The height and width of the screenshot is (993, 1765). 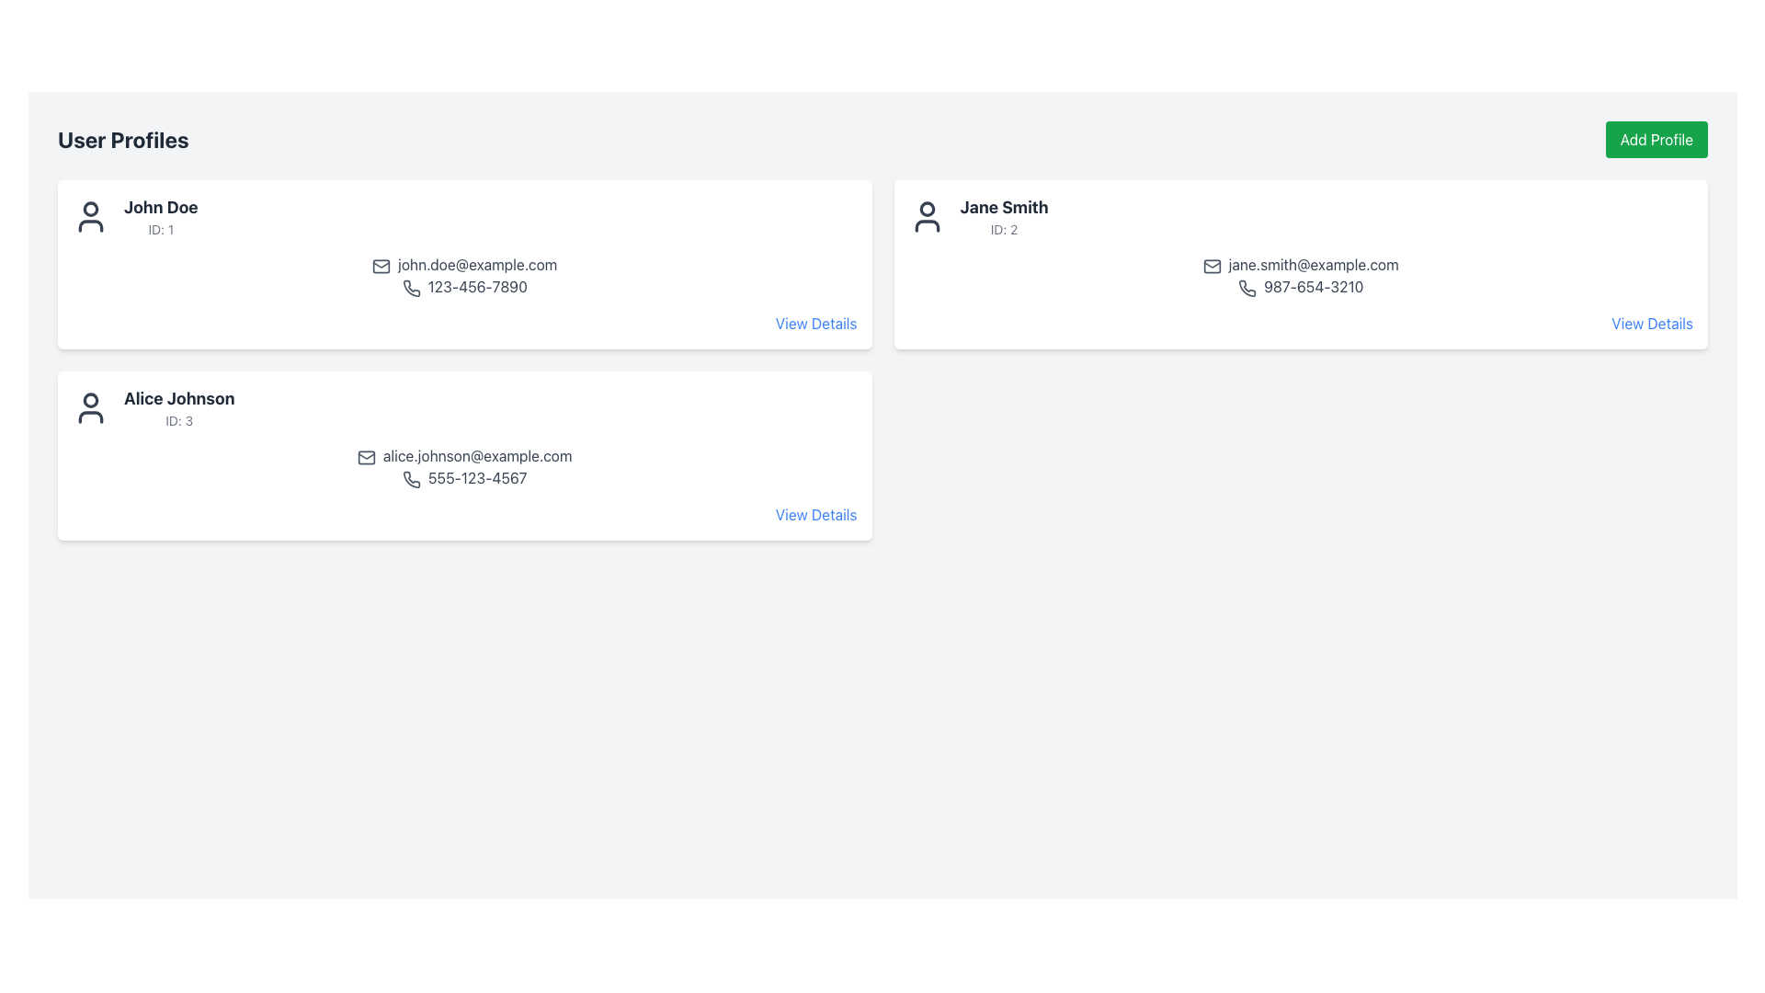 I want to click on the graphic element representing Jane Smith's user profile icon located at the lower segment of the profile card, so click(x=927, y=225).